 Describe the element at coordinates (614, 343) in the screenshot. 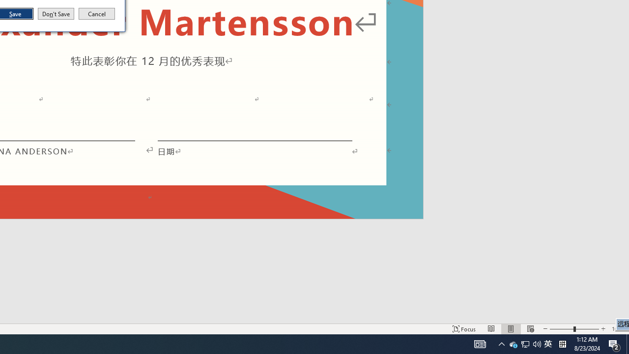

I see `'Action Center, 2 new notifications'` at that location.